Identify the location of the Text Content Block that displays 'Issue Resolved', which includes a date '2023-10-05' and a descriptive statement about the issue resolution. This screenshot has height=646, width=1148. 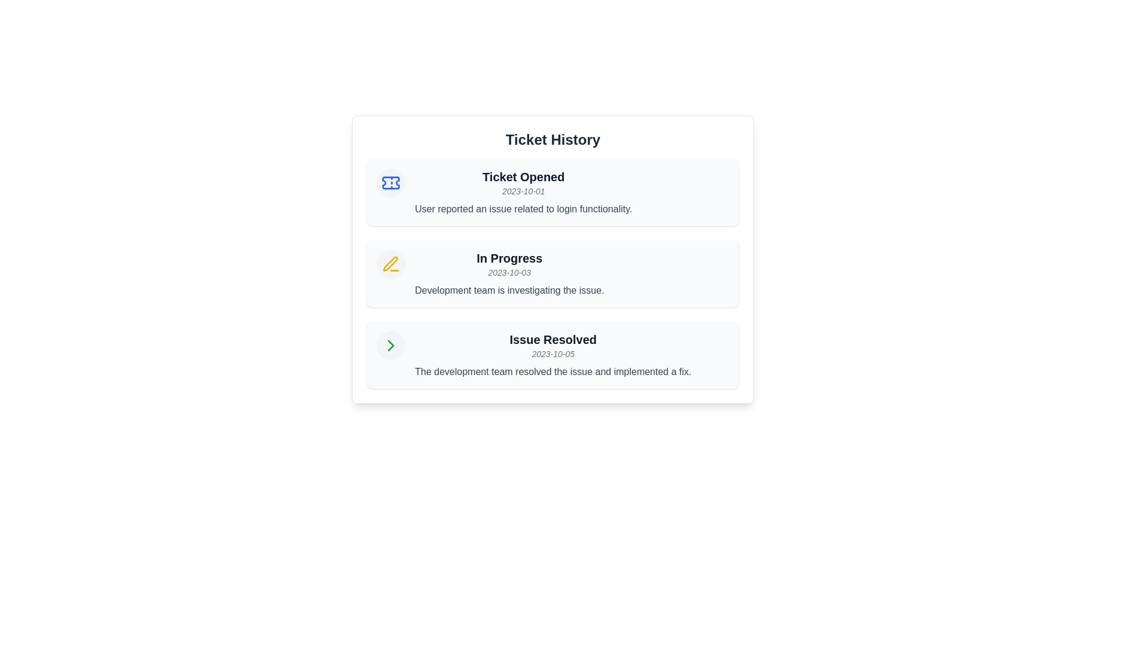
(552, 355).